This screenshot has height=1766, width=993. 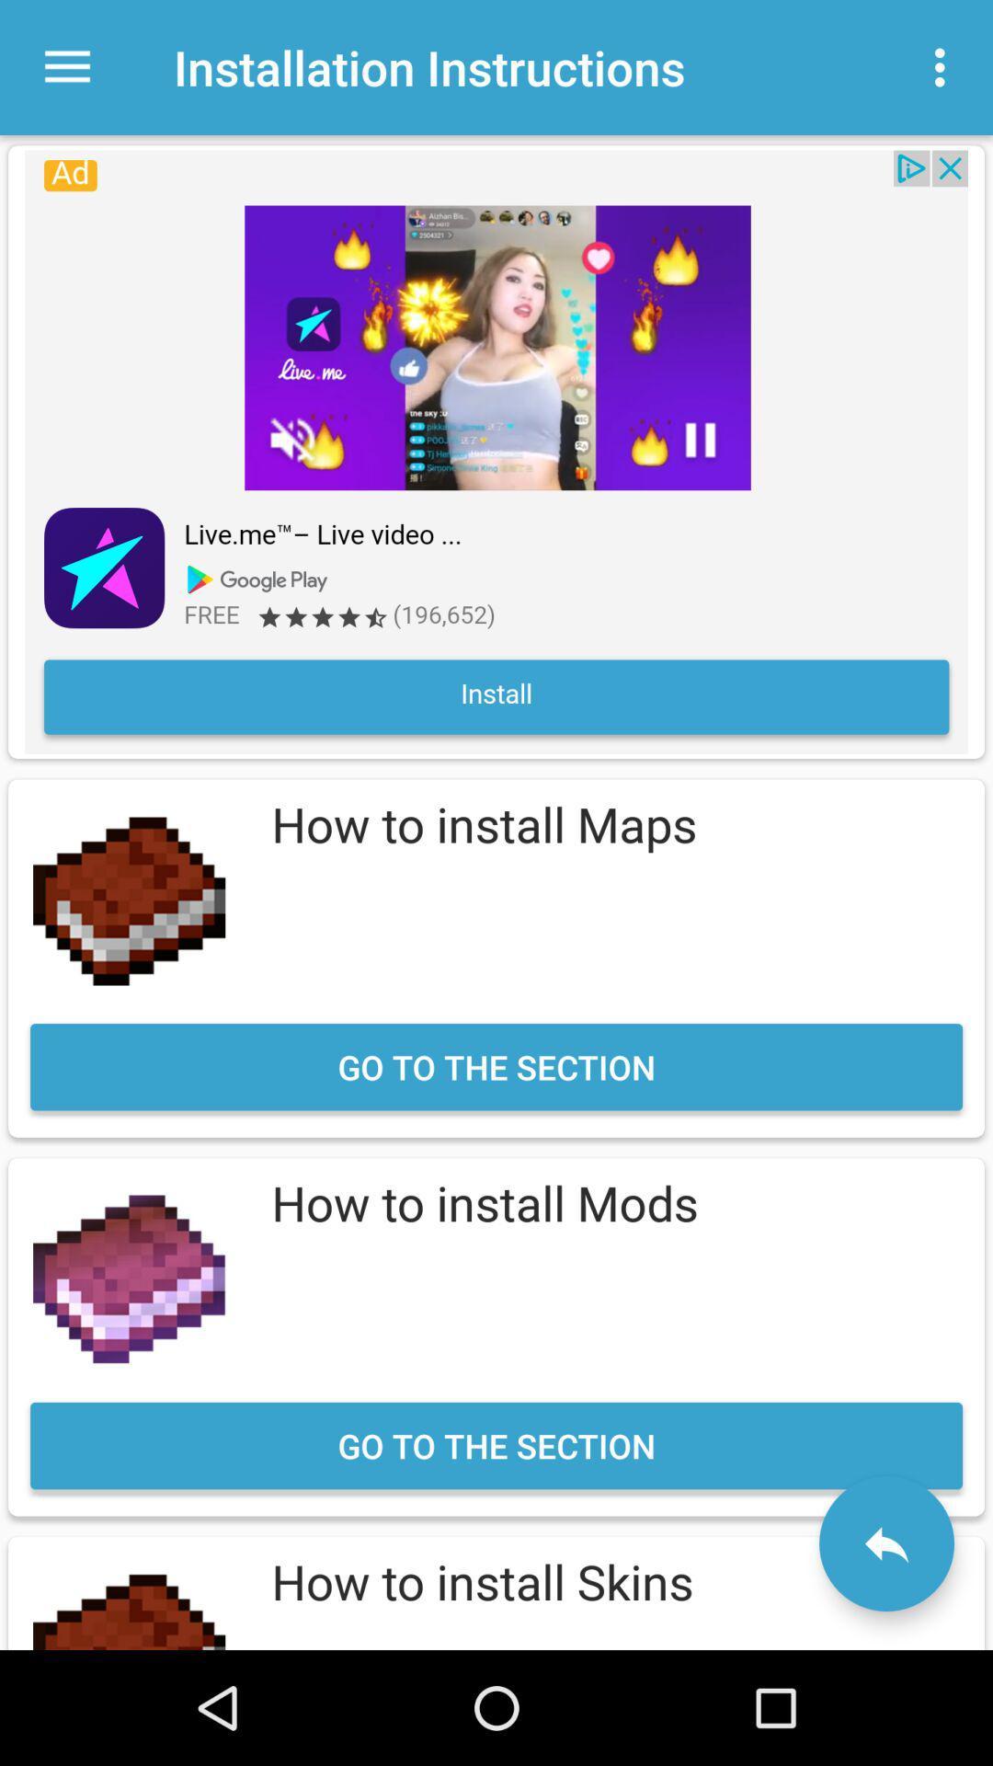 What do you see at coordinates (496, 452) in the screenshot?
I see `advertisement` at bounding box center [496, 452].